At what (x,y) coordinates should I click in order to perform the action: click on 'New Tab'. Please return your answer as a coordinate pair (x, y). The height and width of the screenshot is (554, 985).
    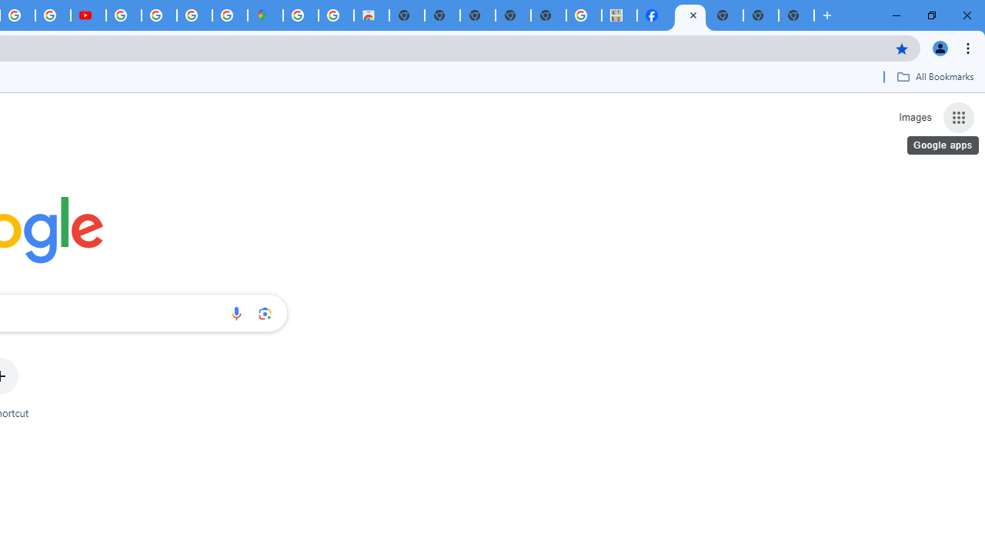
    Looking at the image, I should click on (796, 15).